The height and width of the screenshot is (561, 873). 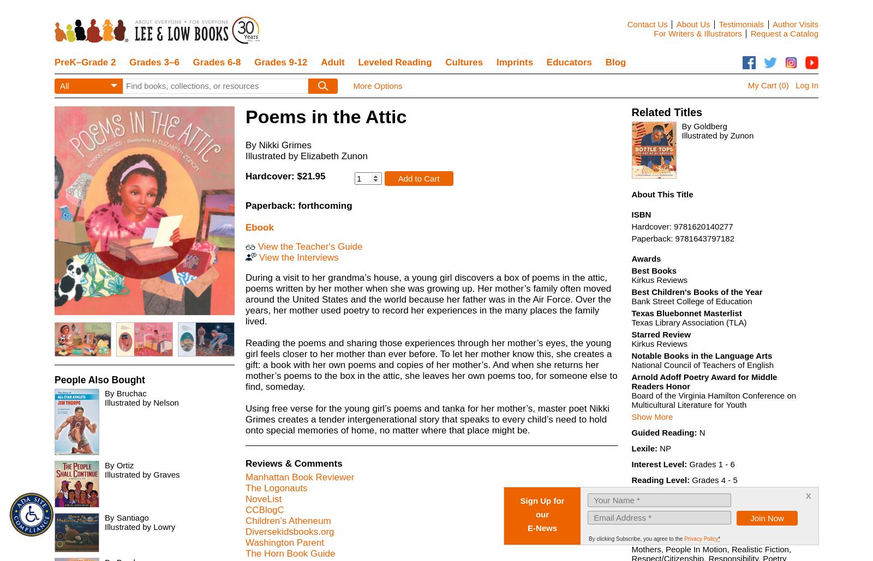 I want to click on 'By Ortiz', so click(x=119, y=465).